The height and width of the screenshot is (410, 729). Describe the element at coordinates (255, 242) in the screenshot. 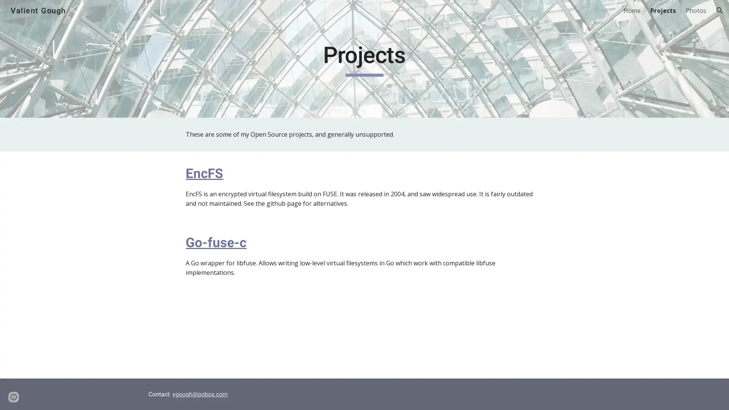

I see `Copy heading link` at that location.